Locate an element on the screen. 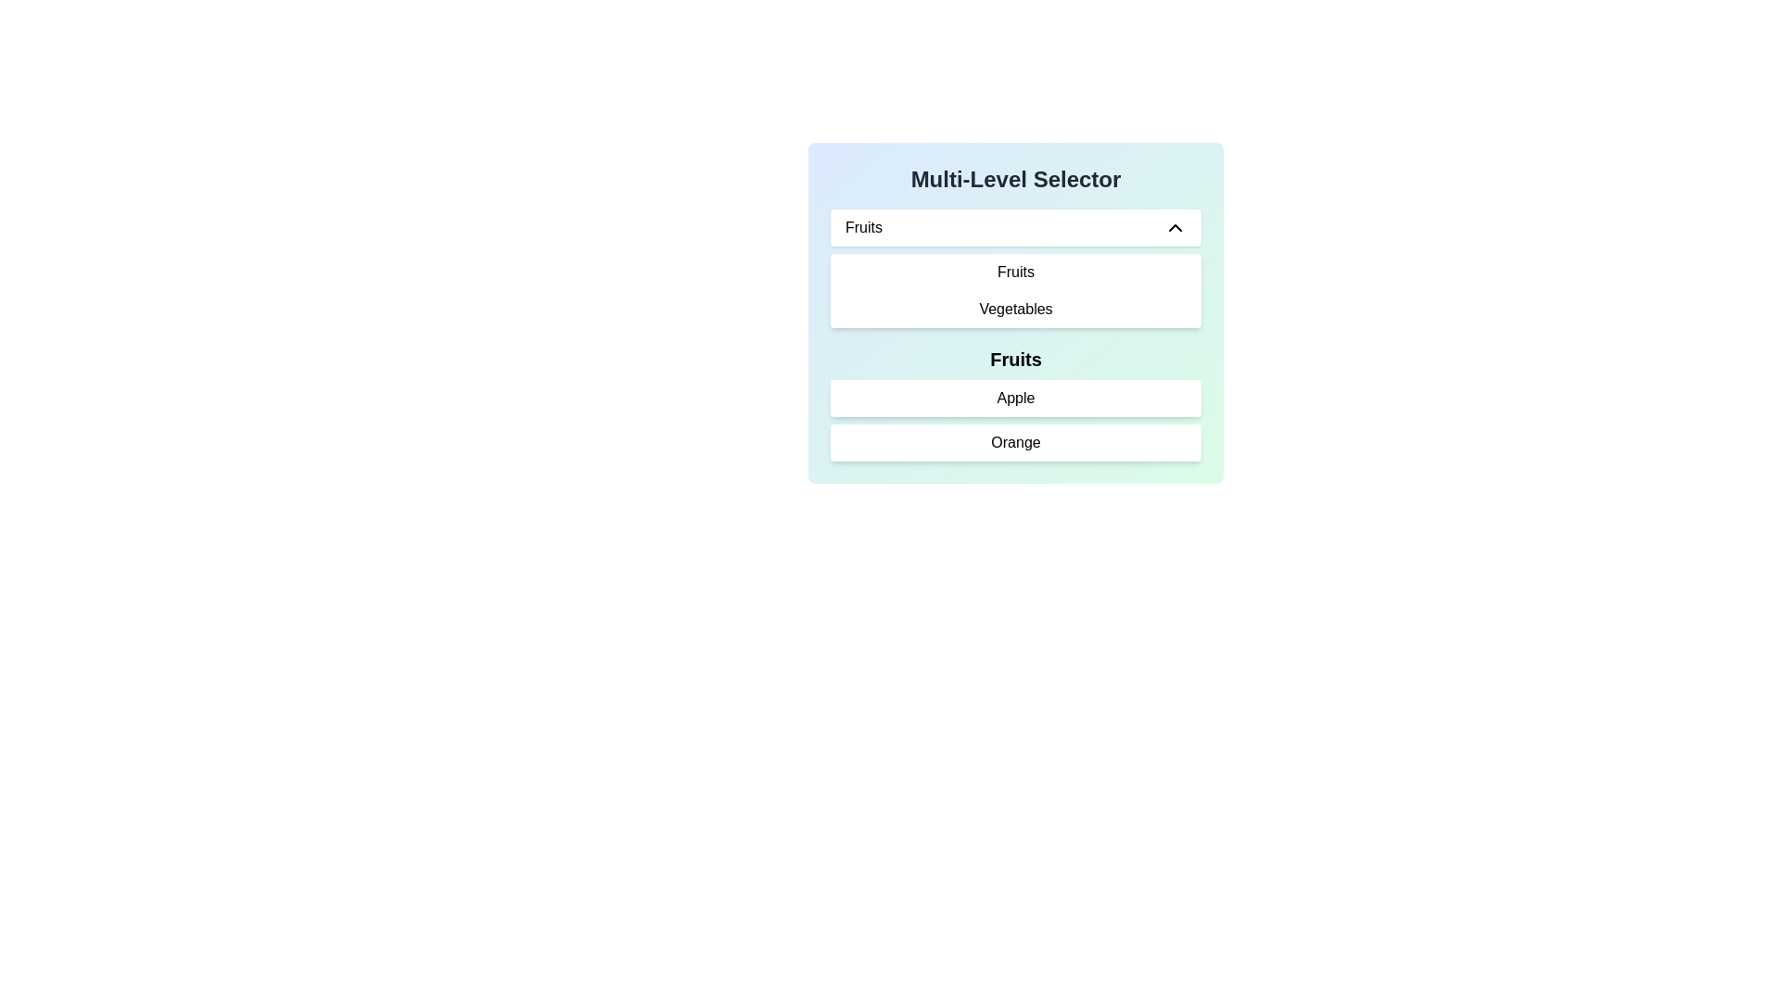 The width and height of the screenshot is (1780, 1001). to select the 'Apple' option from the dropdown menu under the 'Fruits' section, which is the first selectable item styled with a white background and rounded corners is located at coordinates (1014, 397).